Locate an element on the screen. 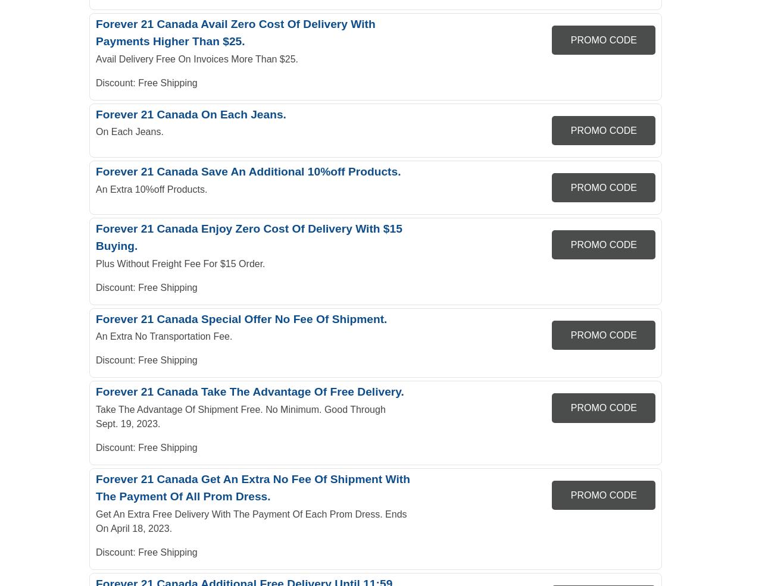 The width and height of the screenshot is (762, 586). 'Plus Without Freight Fee For $15 Order.' is located at coordinates (96, 262).